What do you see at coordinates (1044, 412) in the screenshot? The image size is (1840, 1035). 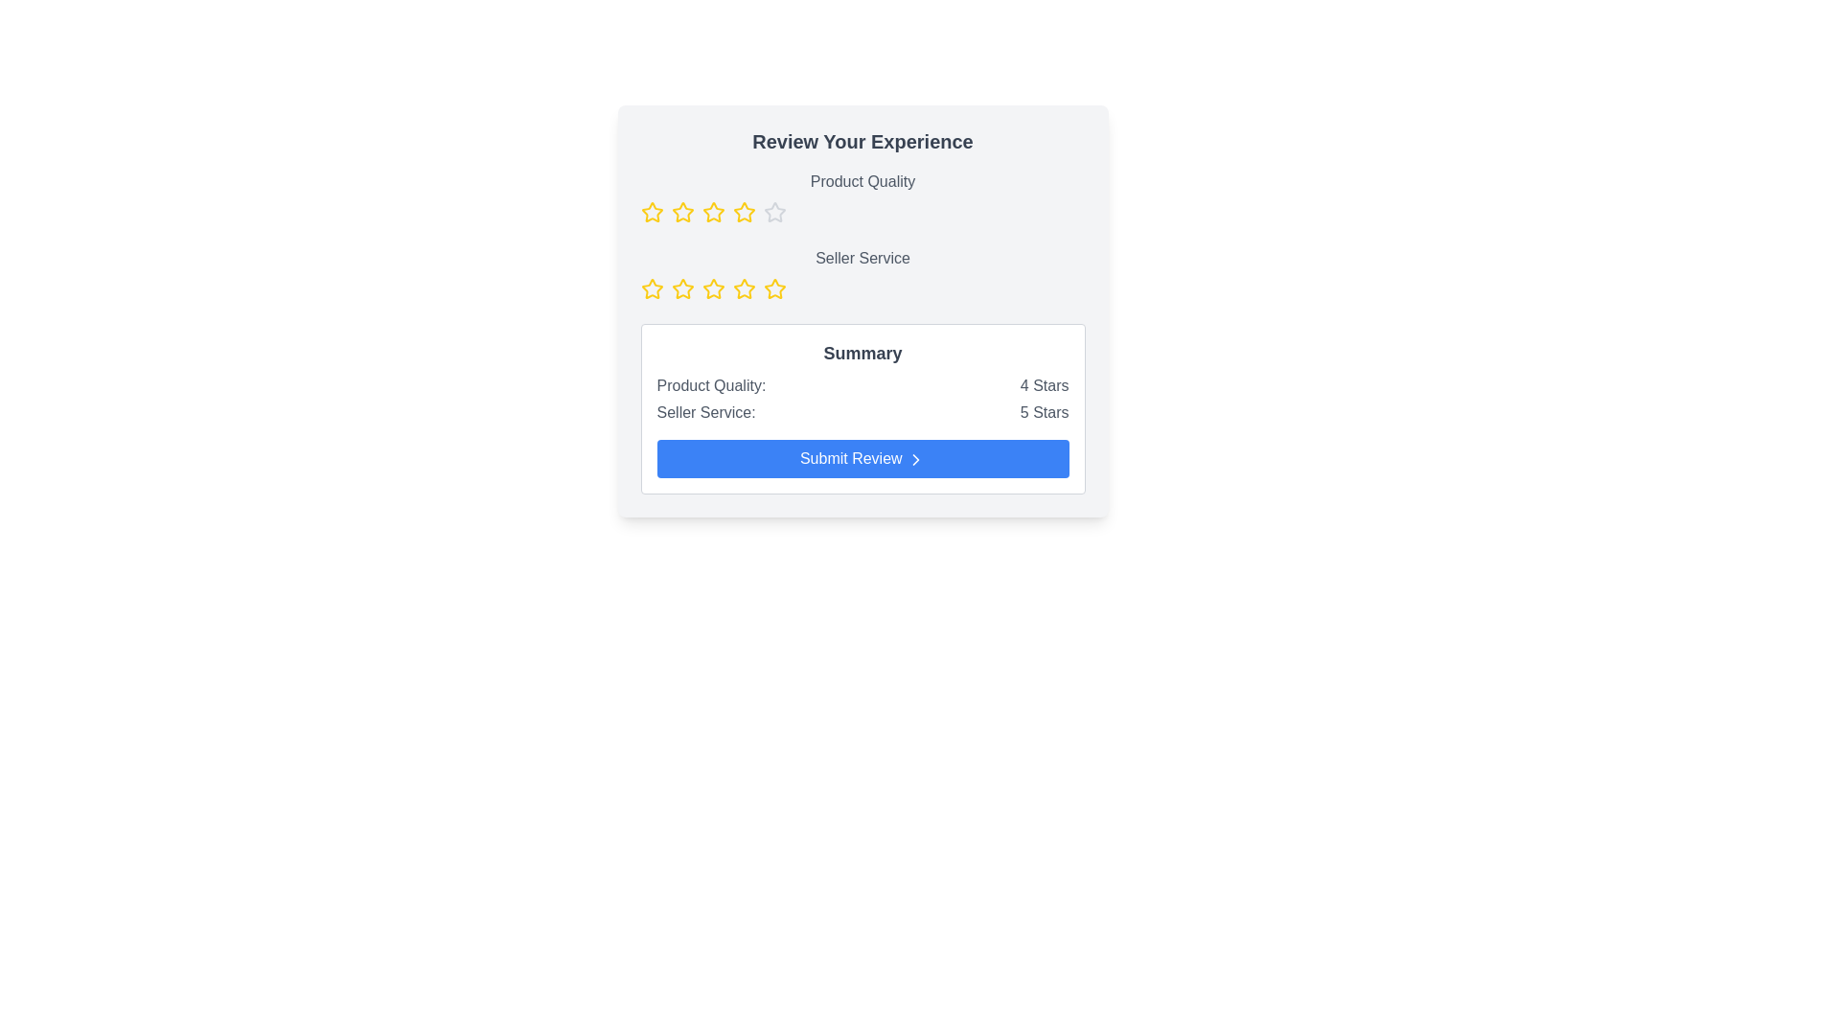 I see `the '5 Stars' rating text label indicating the rating for 'Seller Service', which is located on the right side of the 'Seller Service:' entry in the summary section` at bounding box center [1044, 412].